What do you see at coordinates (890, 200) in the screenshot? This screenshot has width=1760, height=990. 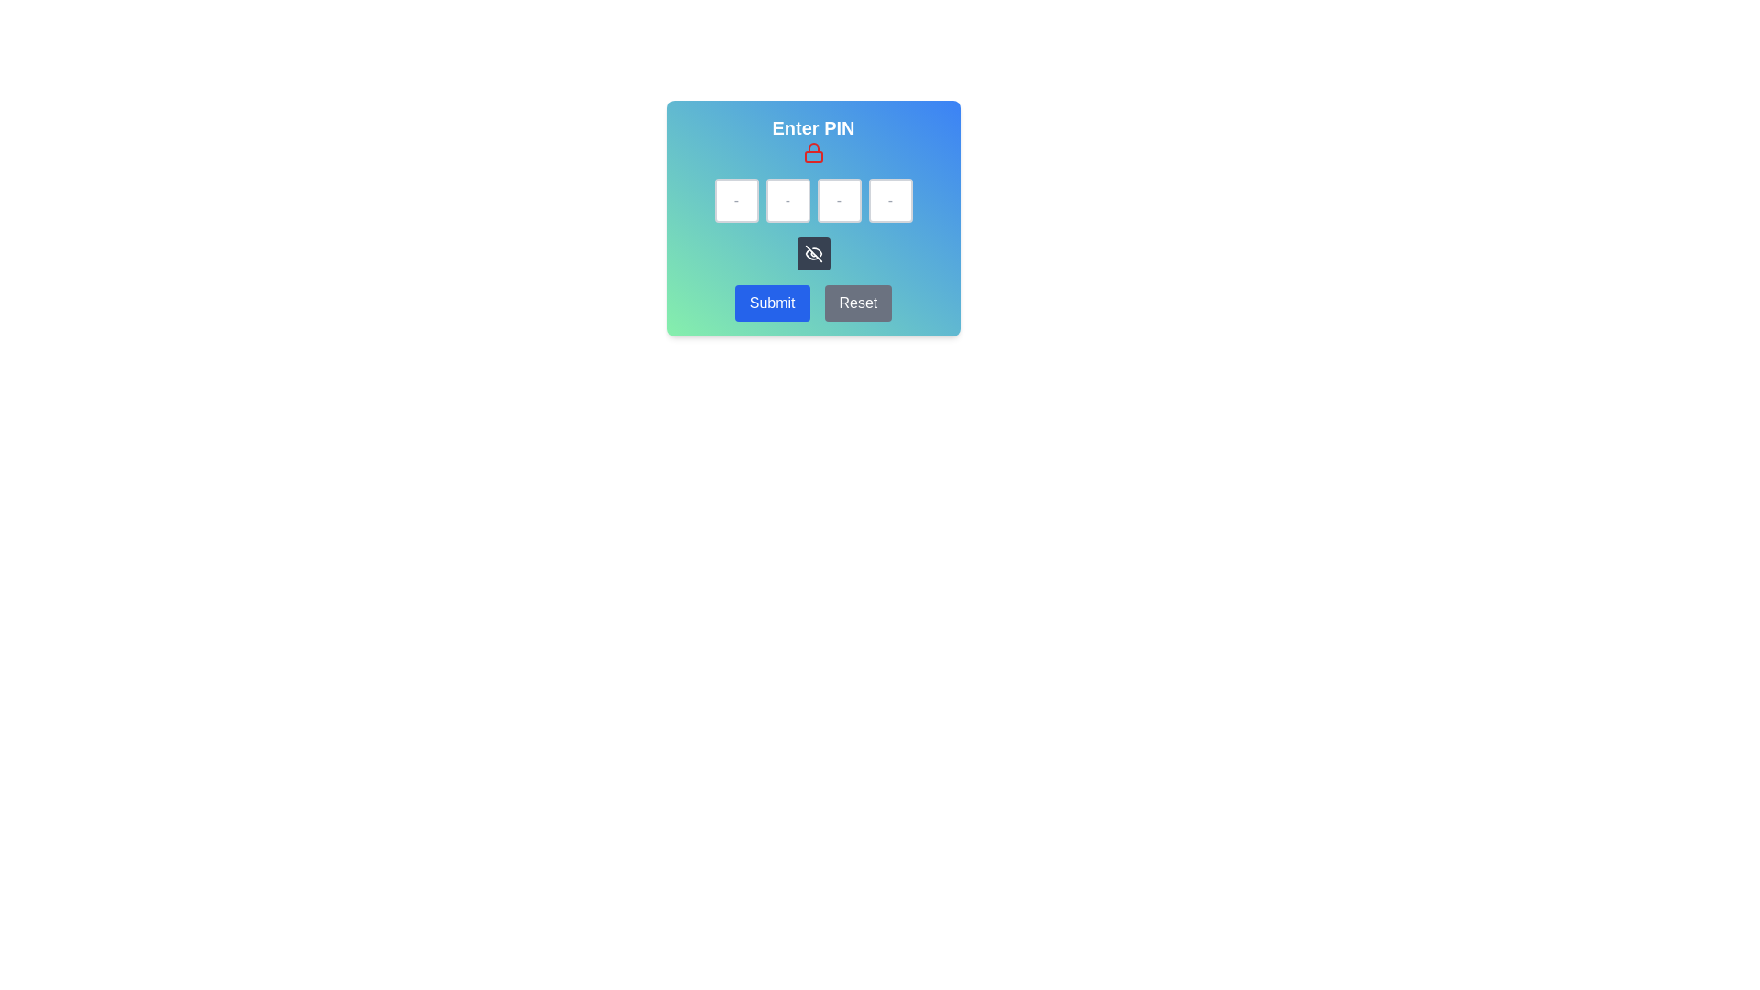 I see `the single-character password input field located at the far right of a sequence of four similar elements to provide interaction feedback` at bounding box center [890, 200].